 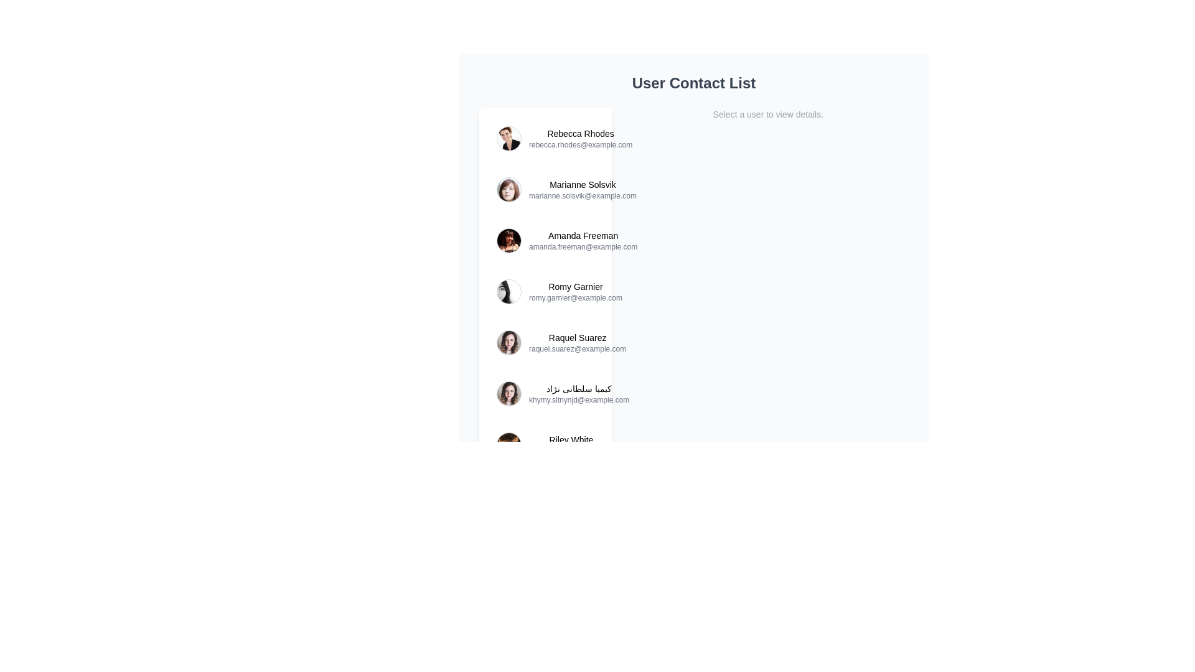 What do you see at coordinates (575, 297) in the screenshot?
I see `text value of the email address label displaying 'romy.garnier@example.com', which is positioned directly beneath the user's name 'Romy Garnier' in a vertical list of user details` at bounding box center [575, 297].